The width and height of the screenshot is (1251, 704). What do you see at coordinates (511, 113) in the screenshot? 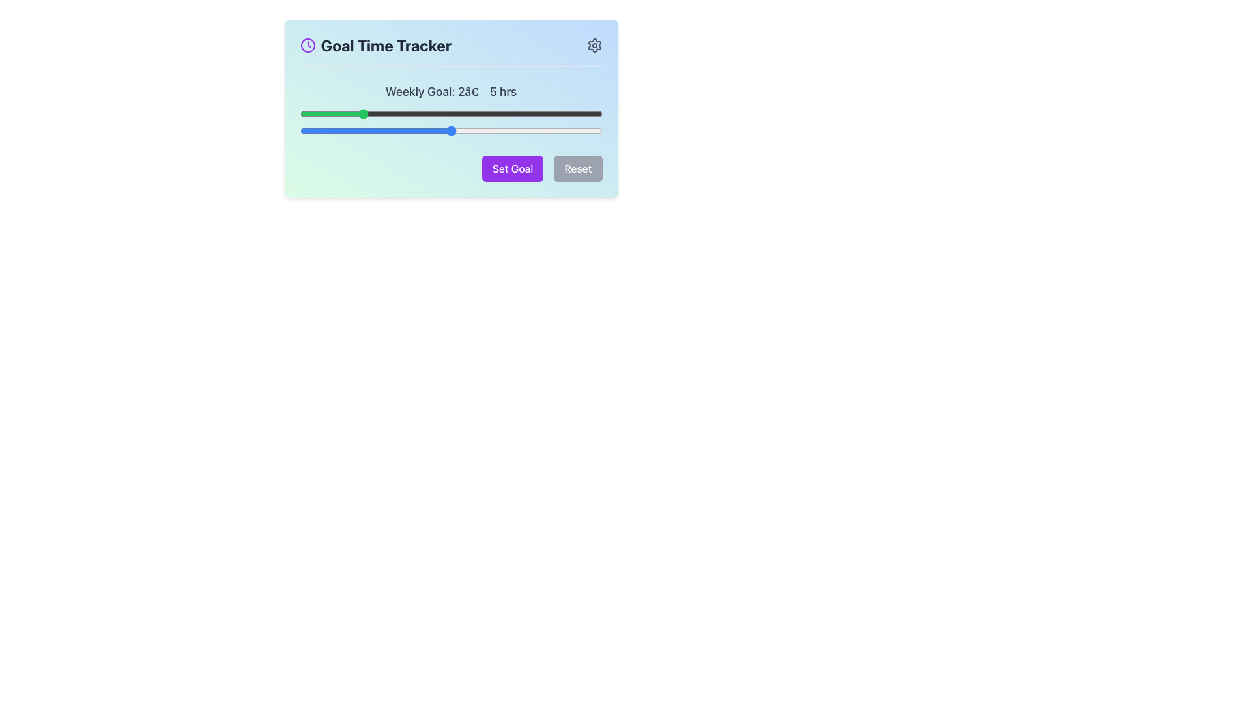
I see `the time slider` at bounding box center [511, 113].